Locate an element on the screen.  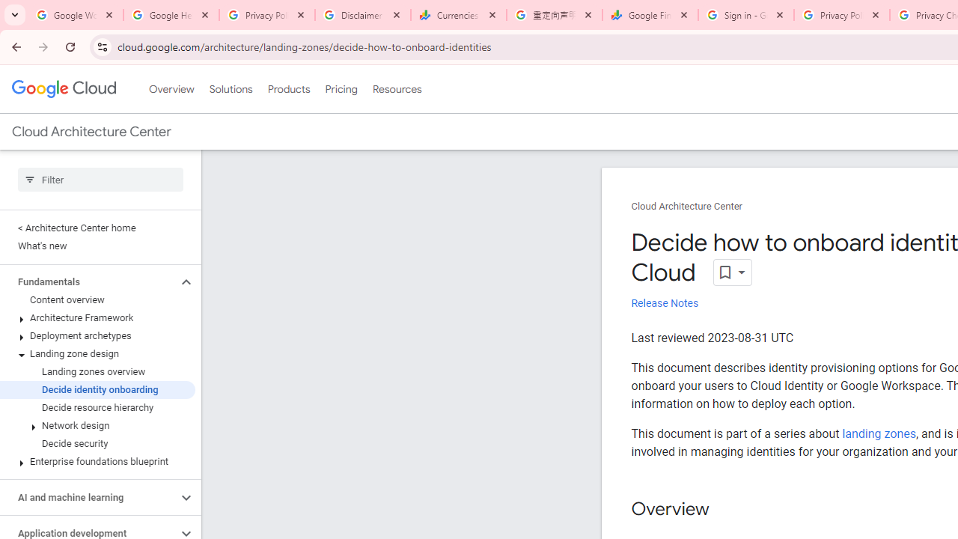
'Open dropdown' is located at coordinates (732, 272).